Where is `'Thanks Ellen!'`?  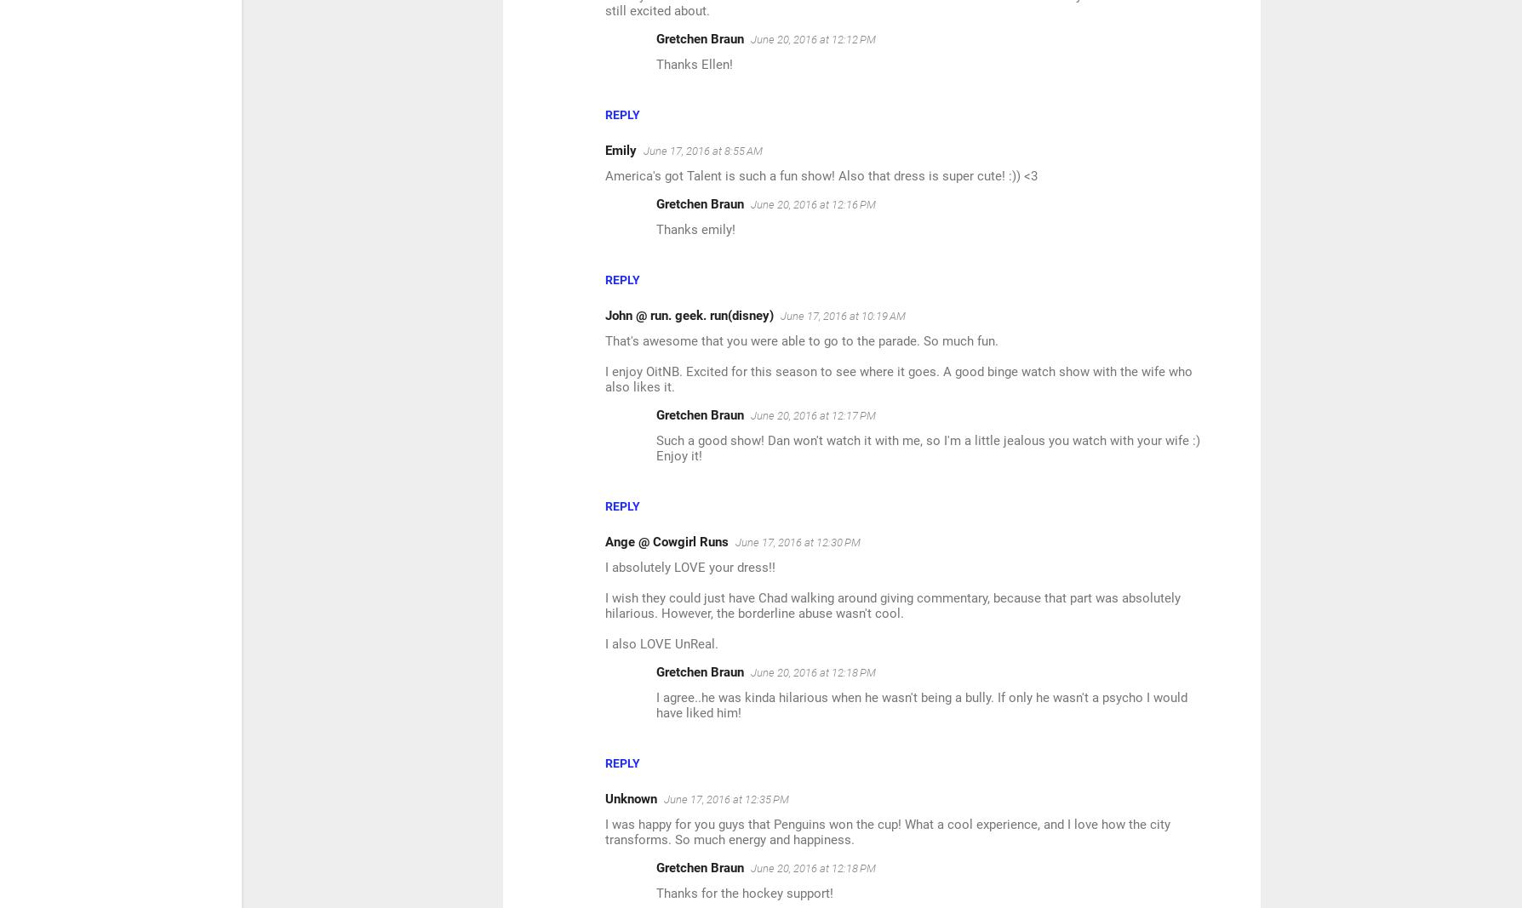
'Thanks Ellen!' is located at coordinates (694, 63).